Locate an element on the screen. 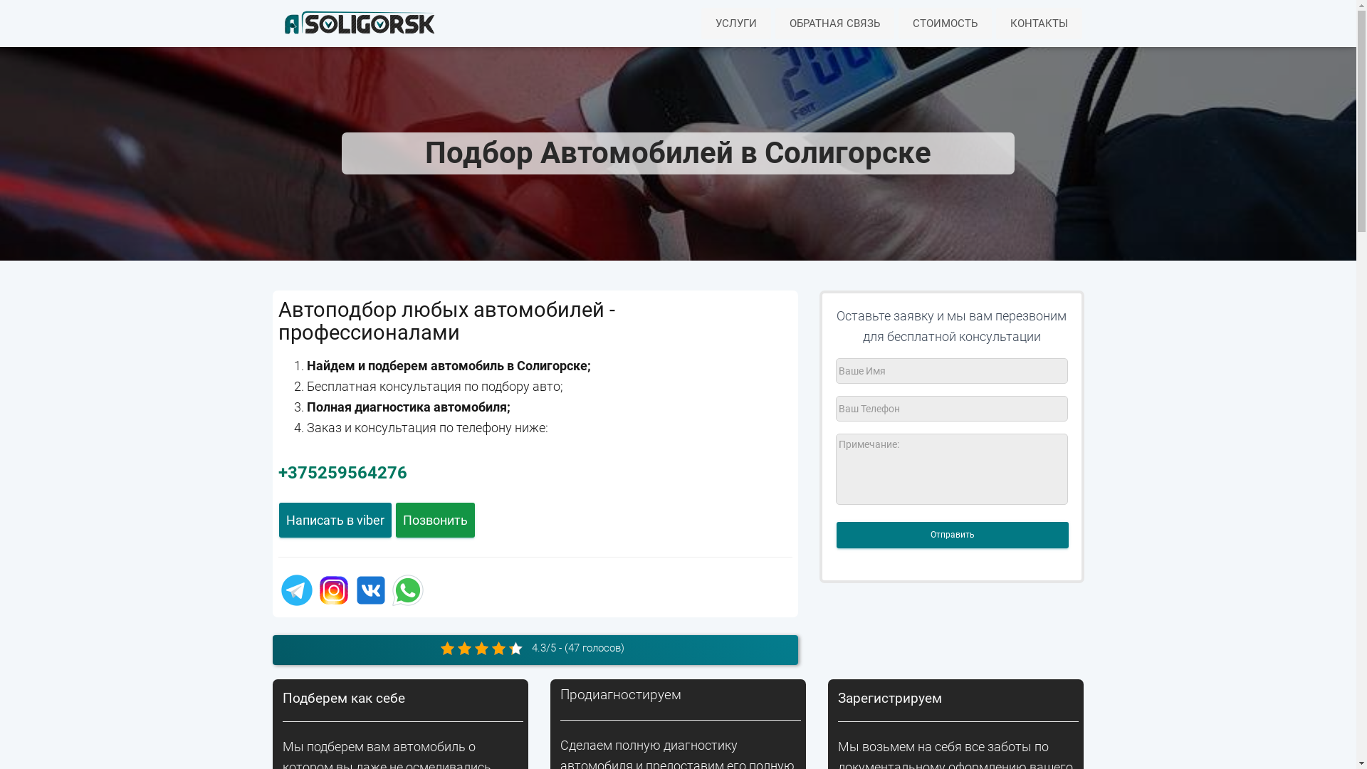 The height and width of the screenshot is (769, 1367). '+375259564276' is located at coordinates (277, 472).